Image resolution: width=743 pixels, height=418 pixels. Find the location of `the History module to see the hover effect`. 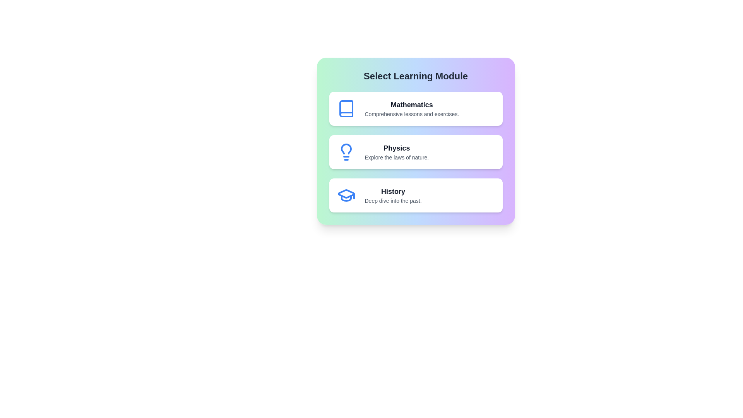

the History module to see the hover effect is located at coordinates (415, 195).